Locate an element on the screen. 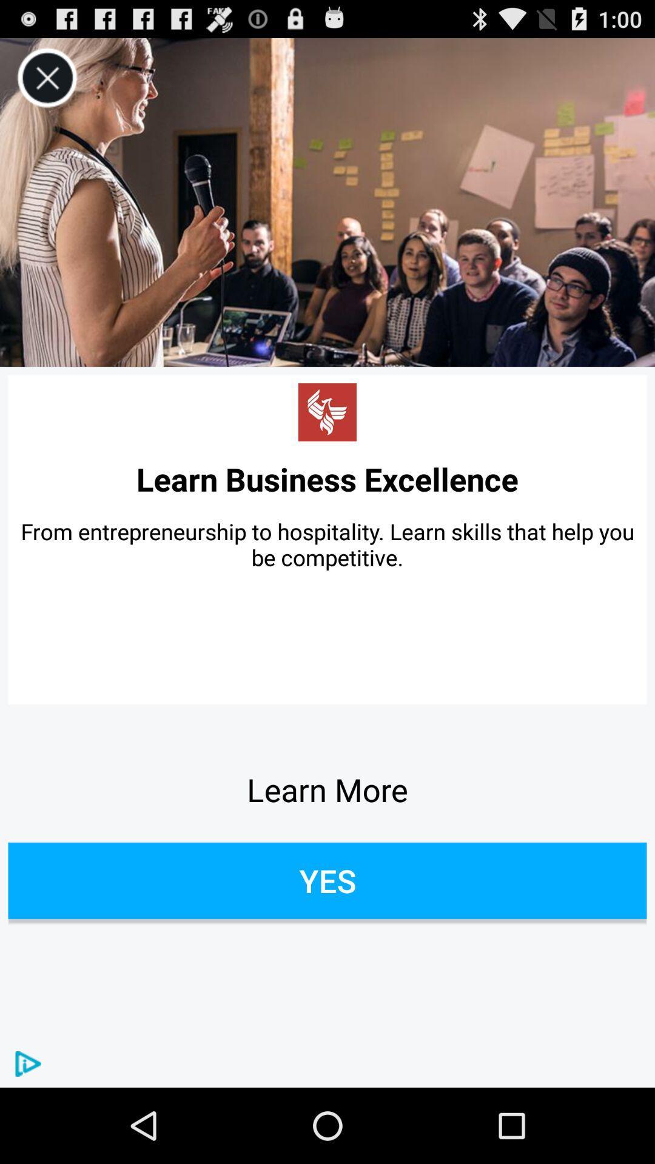 The image size is (655, 1164). the close icon is located at coordinates (47, 83).